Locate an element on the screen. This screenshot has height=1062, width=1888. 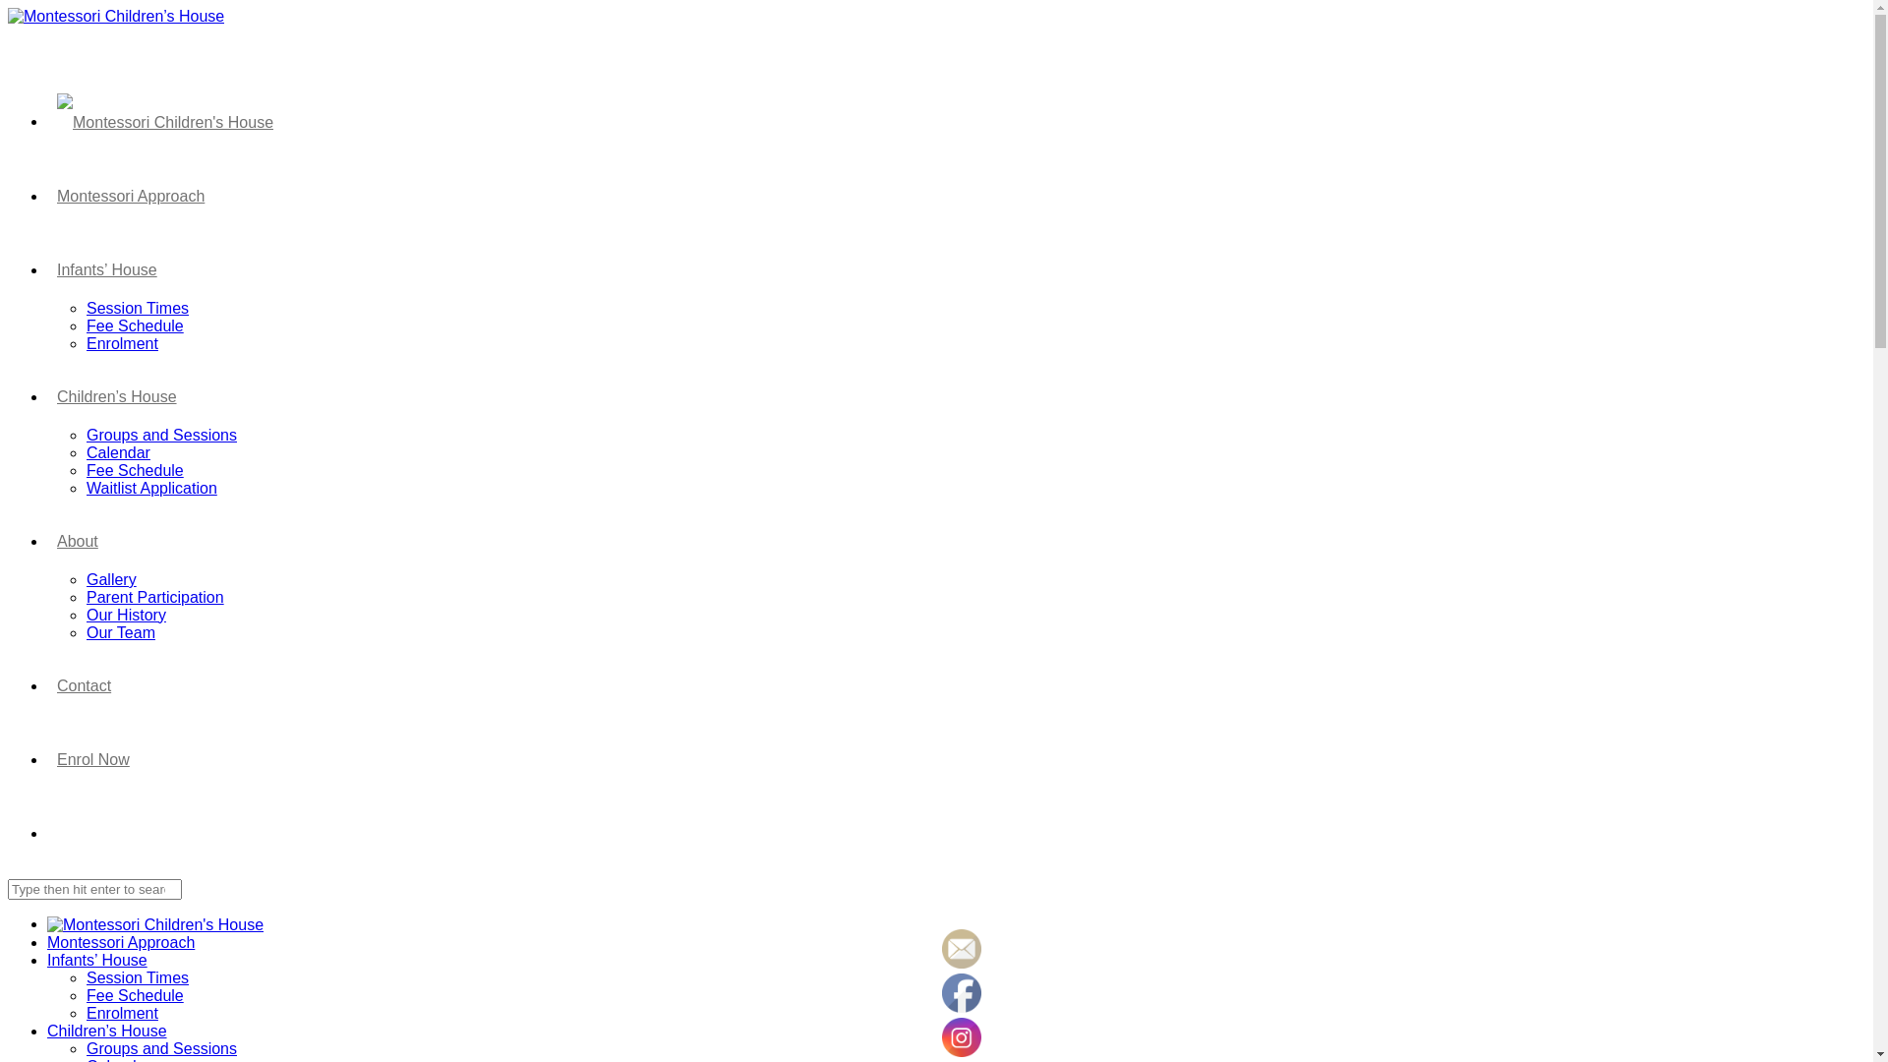
'Follow by Email' is located at coordinates (962, 947).